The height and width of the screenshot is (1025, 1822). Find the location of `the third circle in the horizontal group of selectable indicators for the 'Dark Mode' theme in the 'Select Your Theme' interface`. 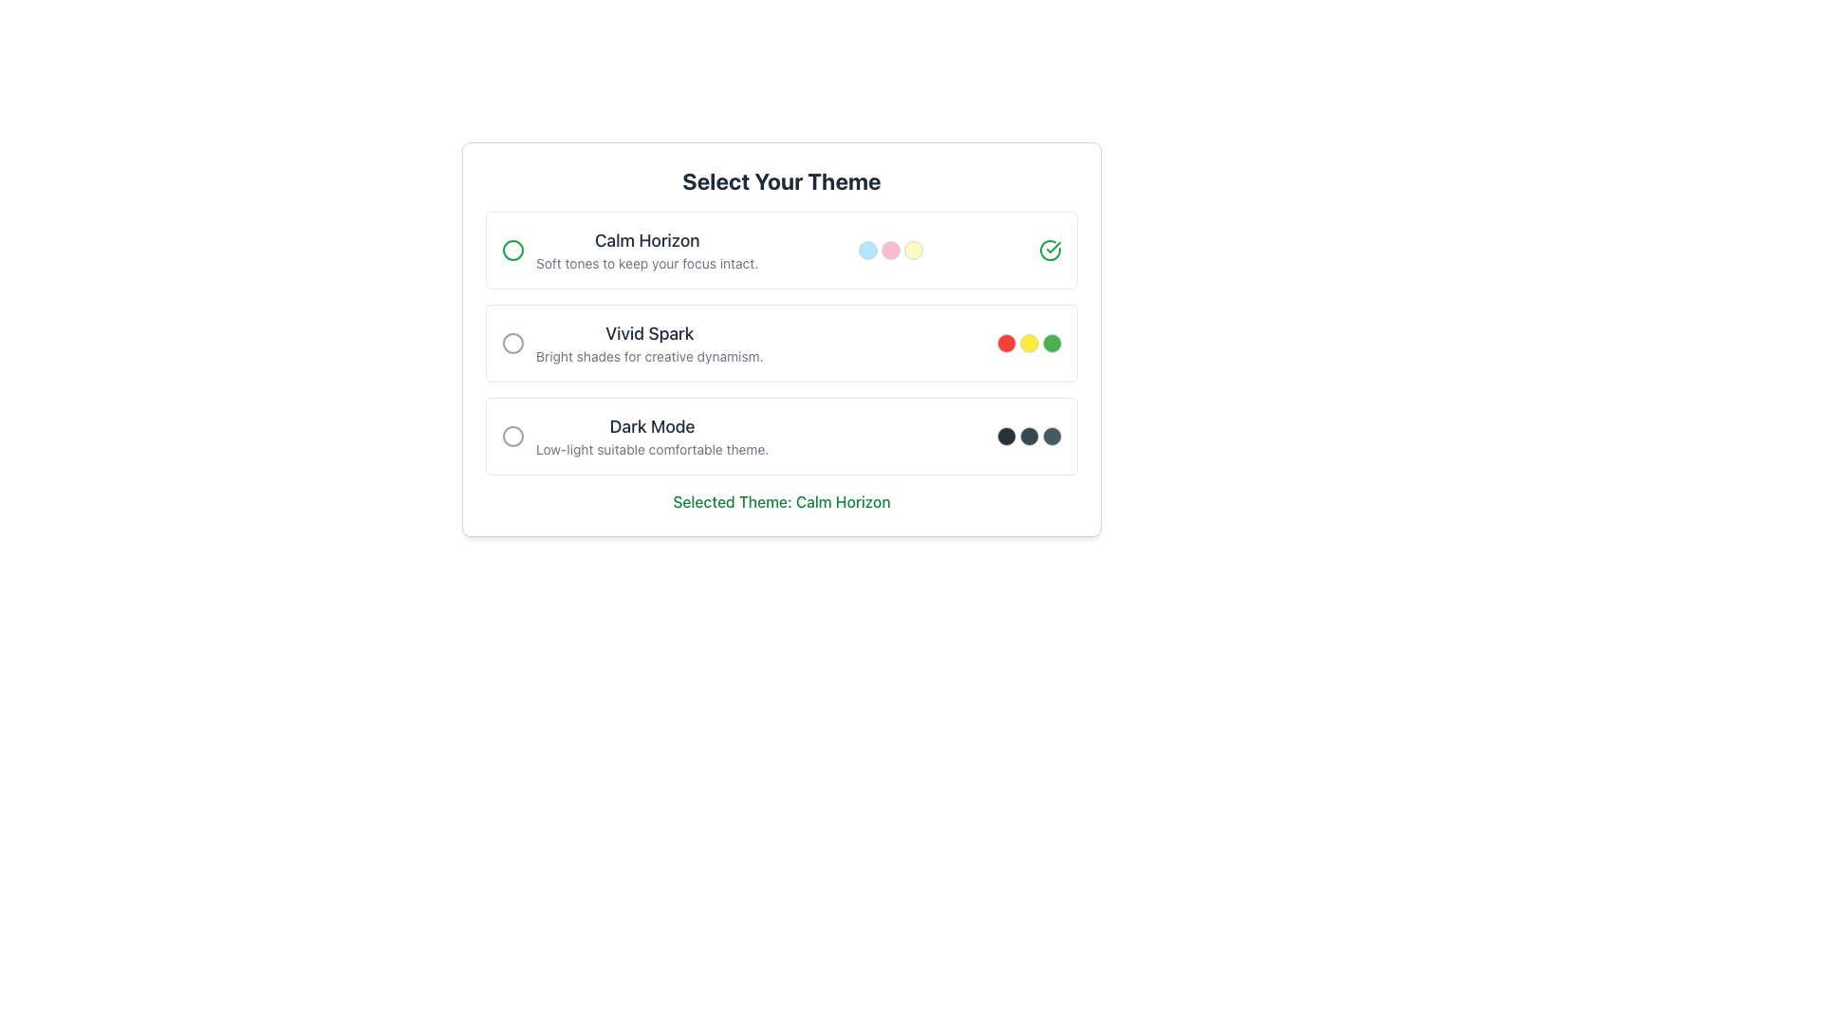

the third circle in the horizontal group of selectable indicators for the 'Dark Mode' theme in the 'Select Your Theme' interface is located at coordinates (1050, 436).